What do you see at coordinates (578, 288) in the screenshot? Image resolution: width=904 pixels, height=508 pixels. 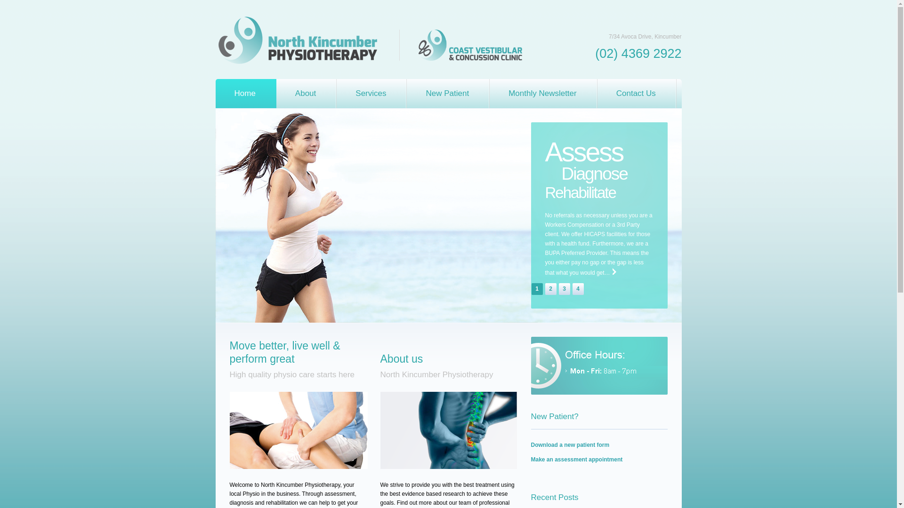 I see `'4'` at bounding box center [578, 288].